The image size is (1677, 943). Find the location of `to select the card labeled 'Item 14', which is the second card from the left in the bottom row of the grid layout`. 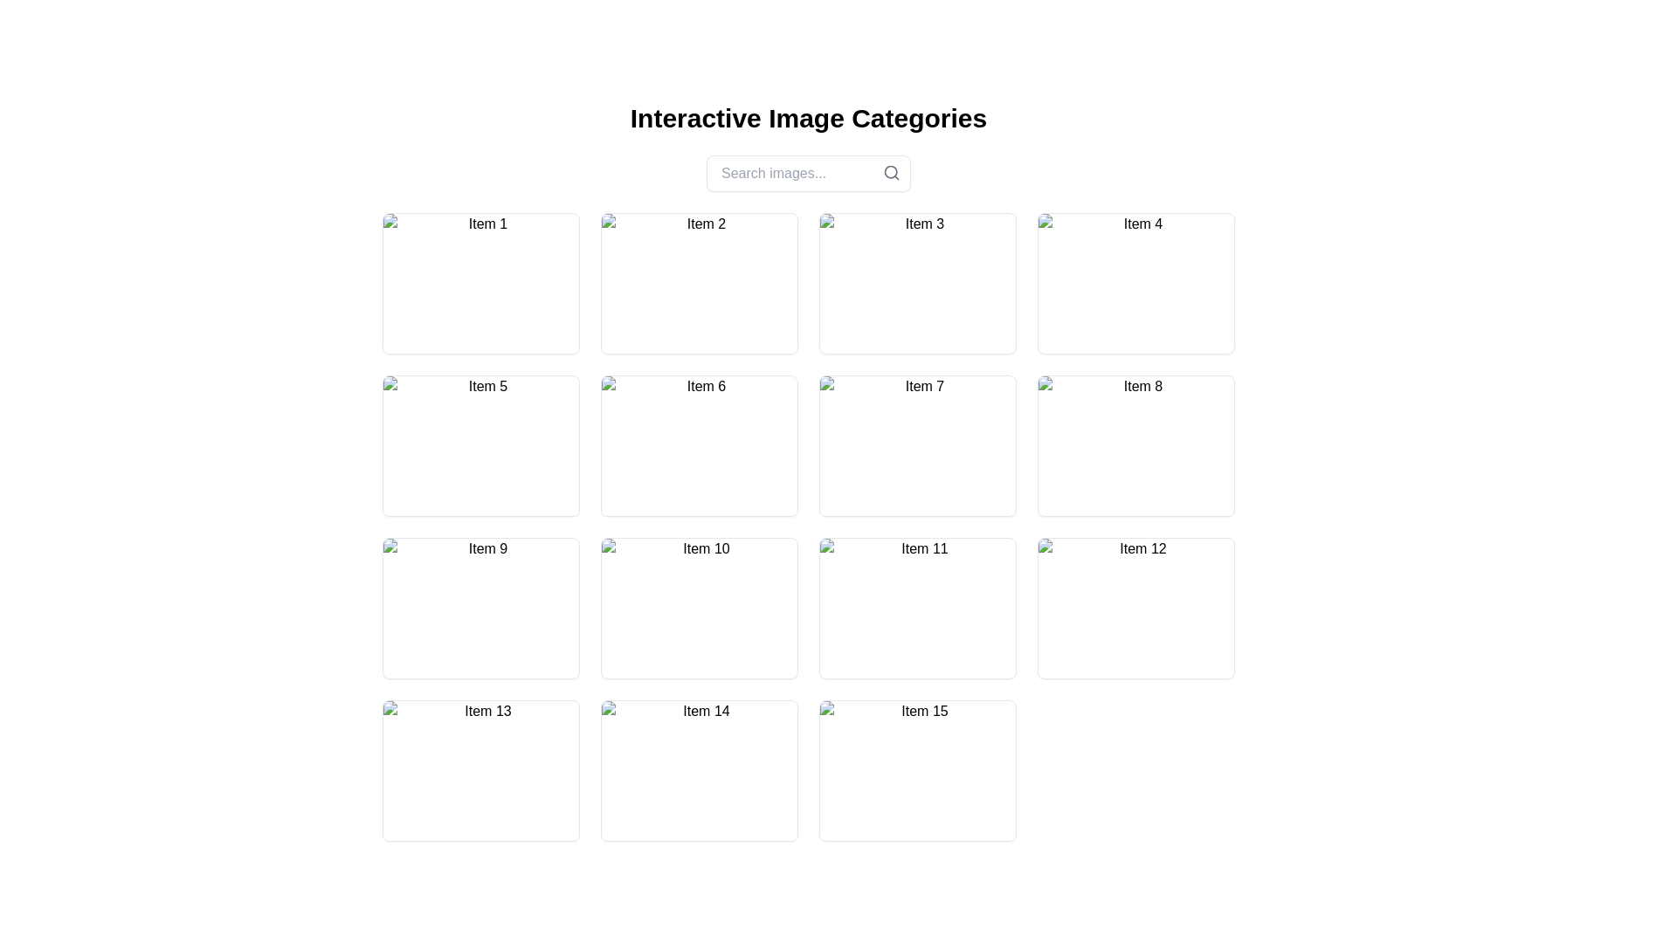

to select the card labeled 'Item 14', which is the second card from the left in the bottom row of the grid layout is located at coordinates (700, 770).